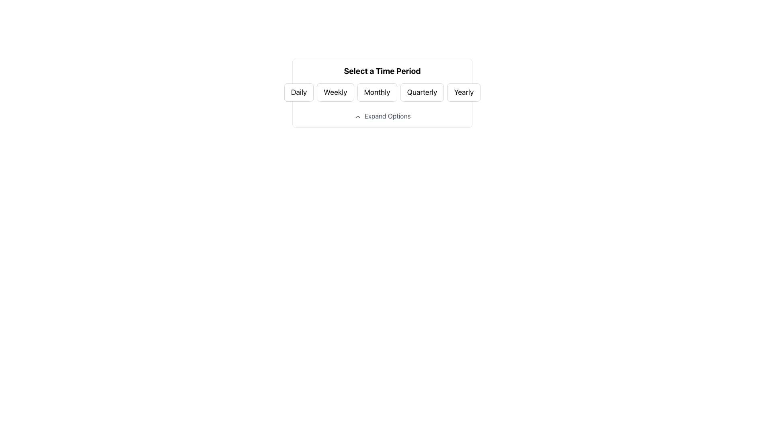 This screenshot has height=434, width=772. Describe the element at coordinates (357, 117) in the screenshot. I see `the chevron icon to the left of the 'Expand Options' text` at that location.